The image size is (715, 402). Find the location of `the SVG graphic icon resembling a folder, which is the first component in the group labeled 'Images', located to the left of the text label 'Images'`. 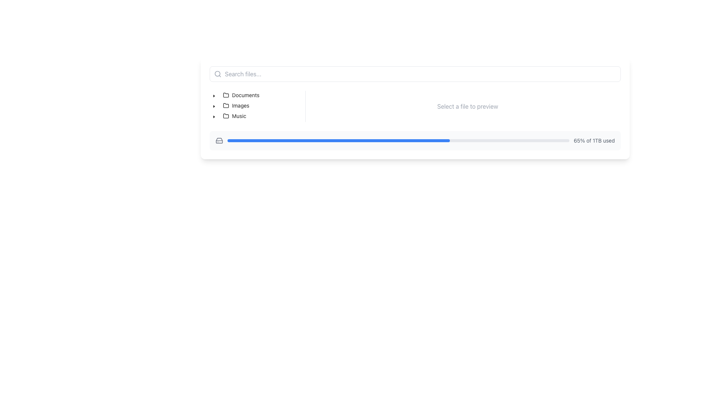

the SVG graphic icon resembling a folder, which is the first component in the group labeled 'Images', located to the left of the text label 'Images' is located at coordinates (225, 106).